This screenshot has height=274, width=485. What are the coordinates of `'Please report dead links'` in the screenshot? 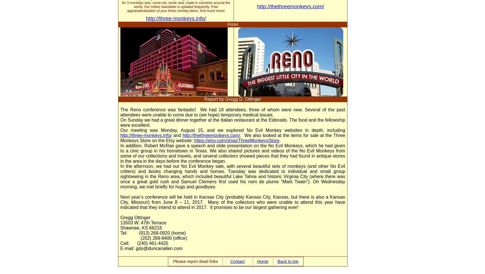 It's located at (195, 261).